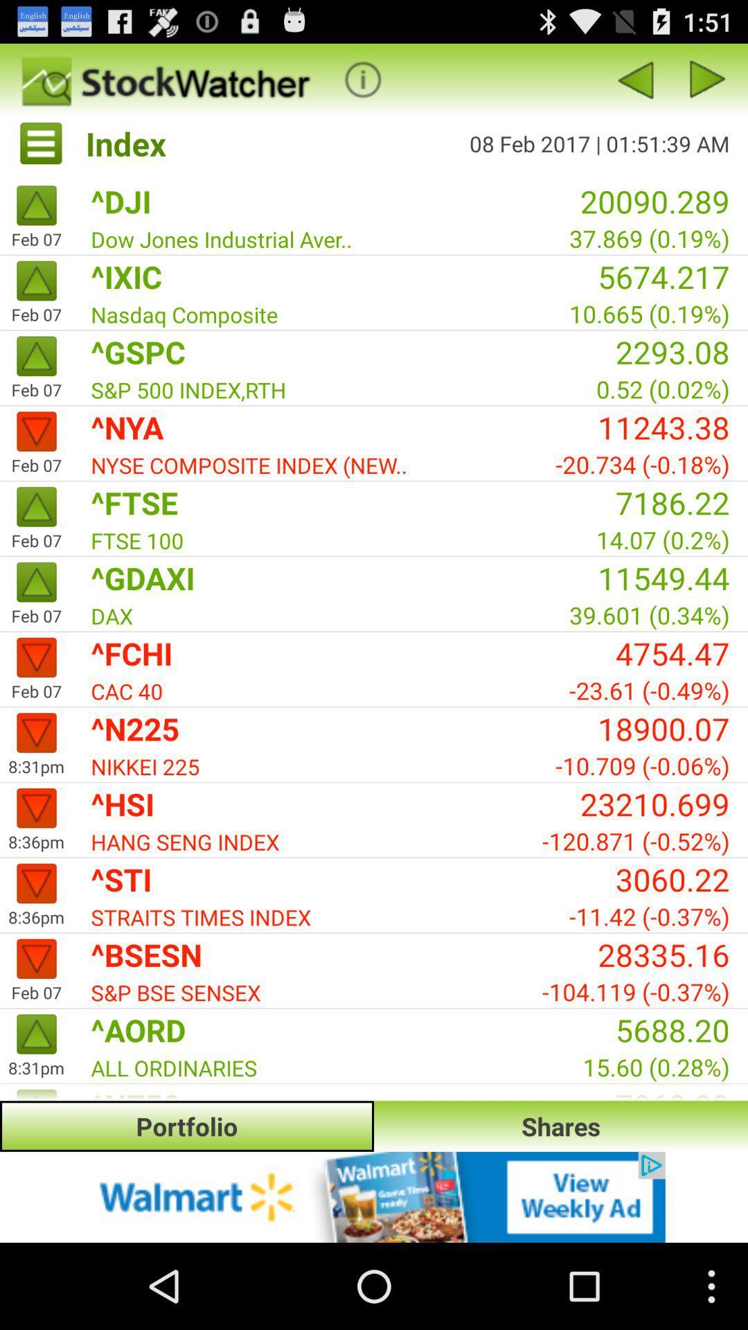 This screenshot has height=1330, width=748. Describe the element at coordinates (362, 79) in the screenshot. I see `menu pega` at that location.